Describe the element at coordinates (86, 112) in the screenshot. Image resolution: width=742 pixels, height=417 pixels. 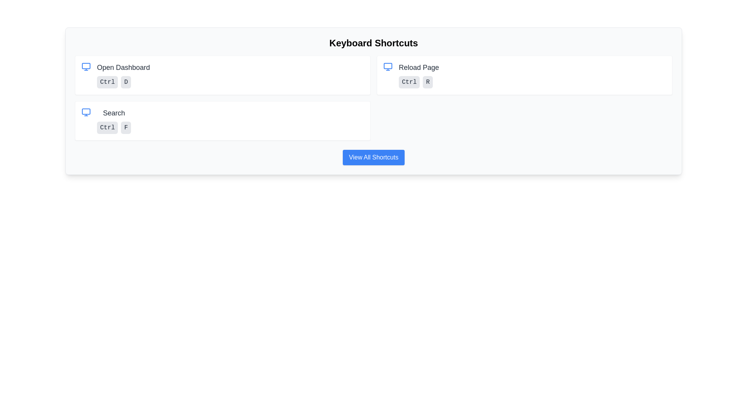
I see `the search icon located in the top-left corner of the card, adjacent to the descriptive text 'Search' and the shortcut keys 'Ctrl' and 'F'` at that location.